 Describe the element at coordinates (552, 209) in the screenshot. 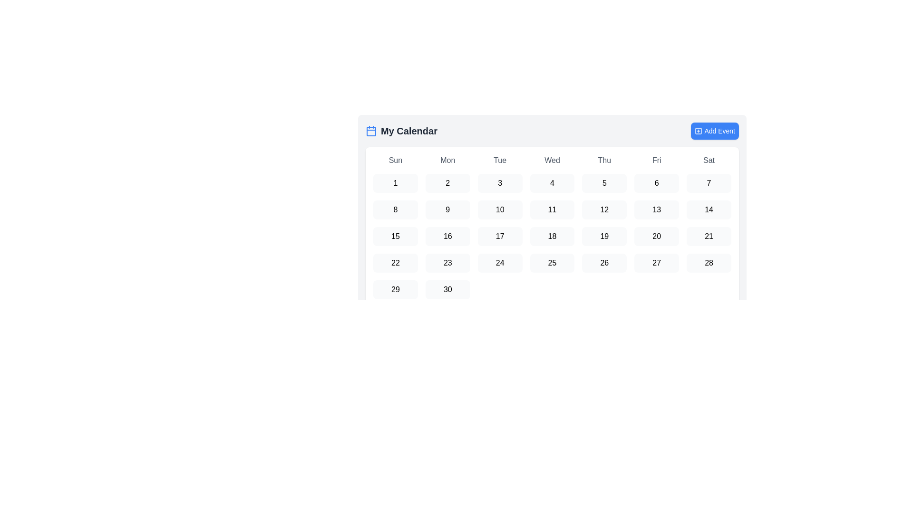

I see `the clickable calendar day element displaying the number '11' in a light gray box` at that location.